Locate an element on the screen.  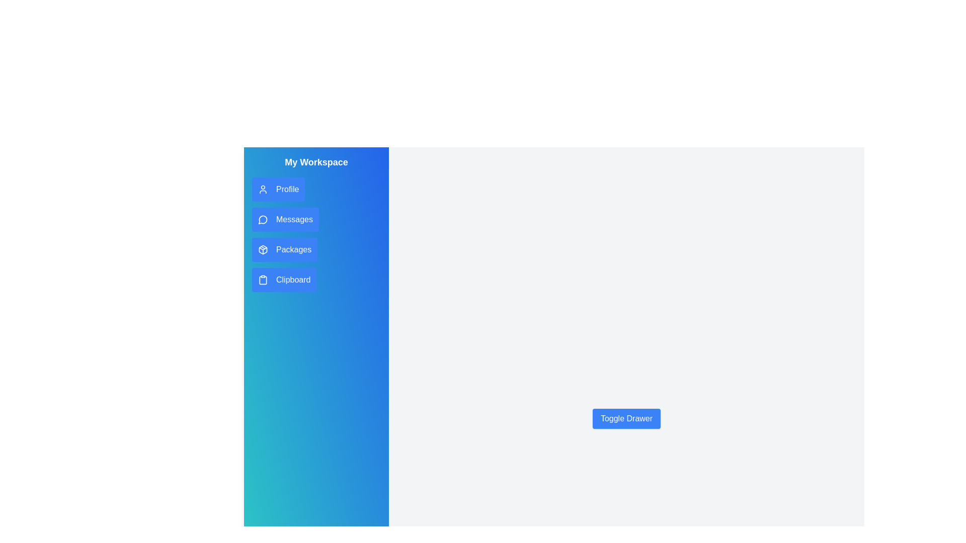
the 'Messages' button in the drawer is located at coordinates (284, 219).